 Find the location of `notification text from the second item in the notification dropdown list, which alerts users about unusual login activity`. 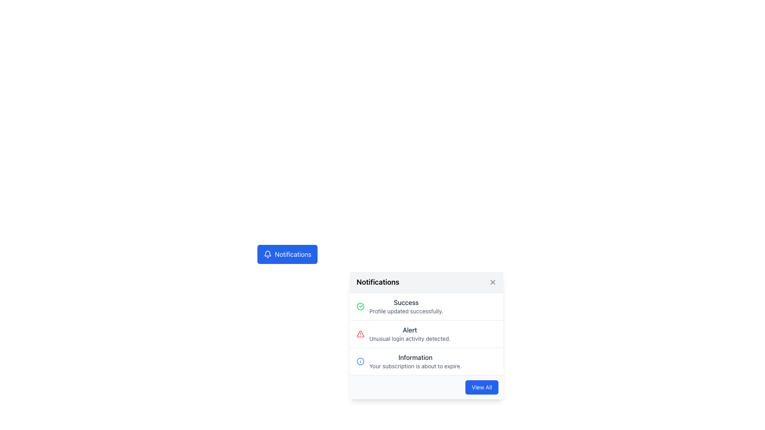

notification text from the second item in the notification dropdown list, which alerts users about unusual login activity is located at coordinates (426, 336).